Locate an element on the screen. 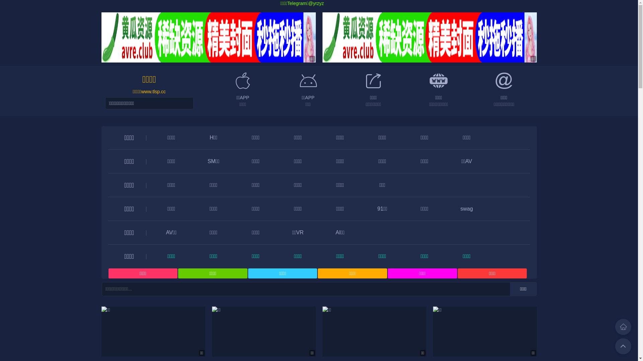 This screenshot has height=361, width=643. 'swag' is located at coordinates (466, 208).